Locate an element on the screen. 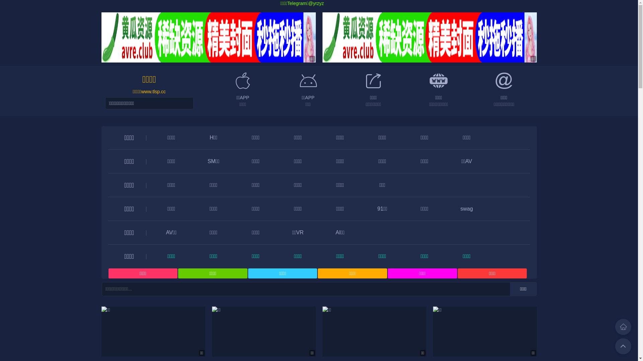 This screenshot has height=361, width=643. 'swag' is located at coordinates (466, 208).